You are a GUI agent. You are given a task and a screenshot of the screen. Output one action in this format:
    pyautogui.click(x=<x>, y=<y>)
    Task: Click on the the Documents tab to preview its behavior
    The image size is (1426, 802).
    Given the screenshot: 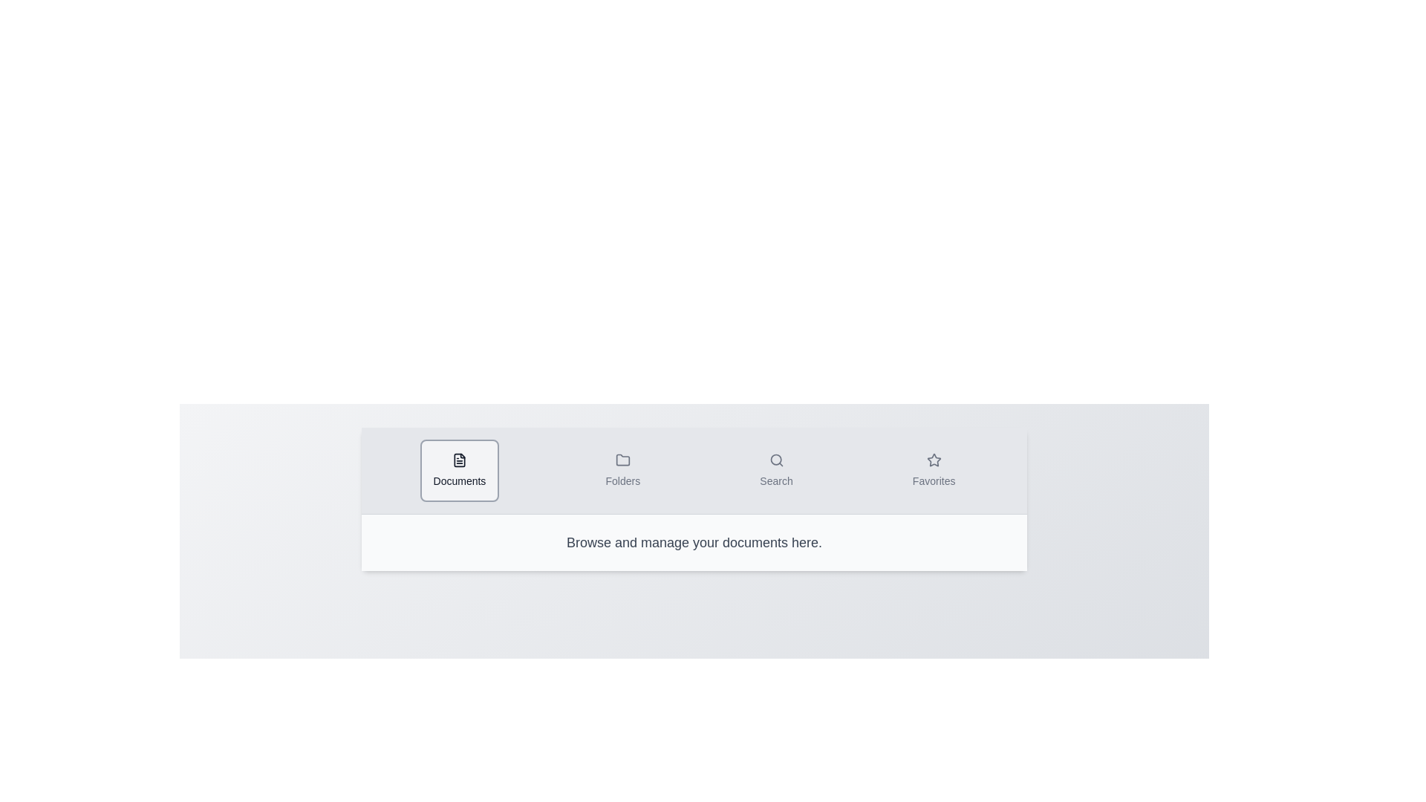 What is the action you would take?
    pyautogui.click(x=459, y=470)
    